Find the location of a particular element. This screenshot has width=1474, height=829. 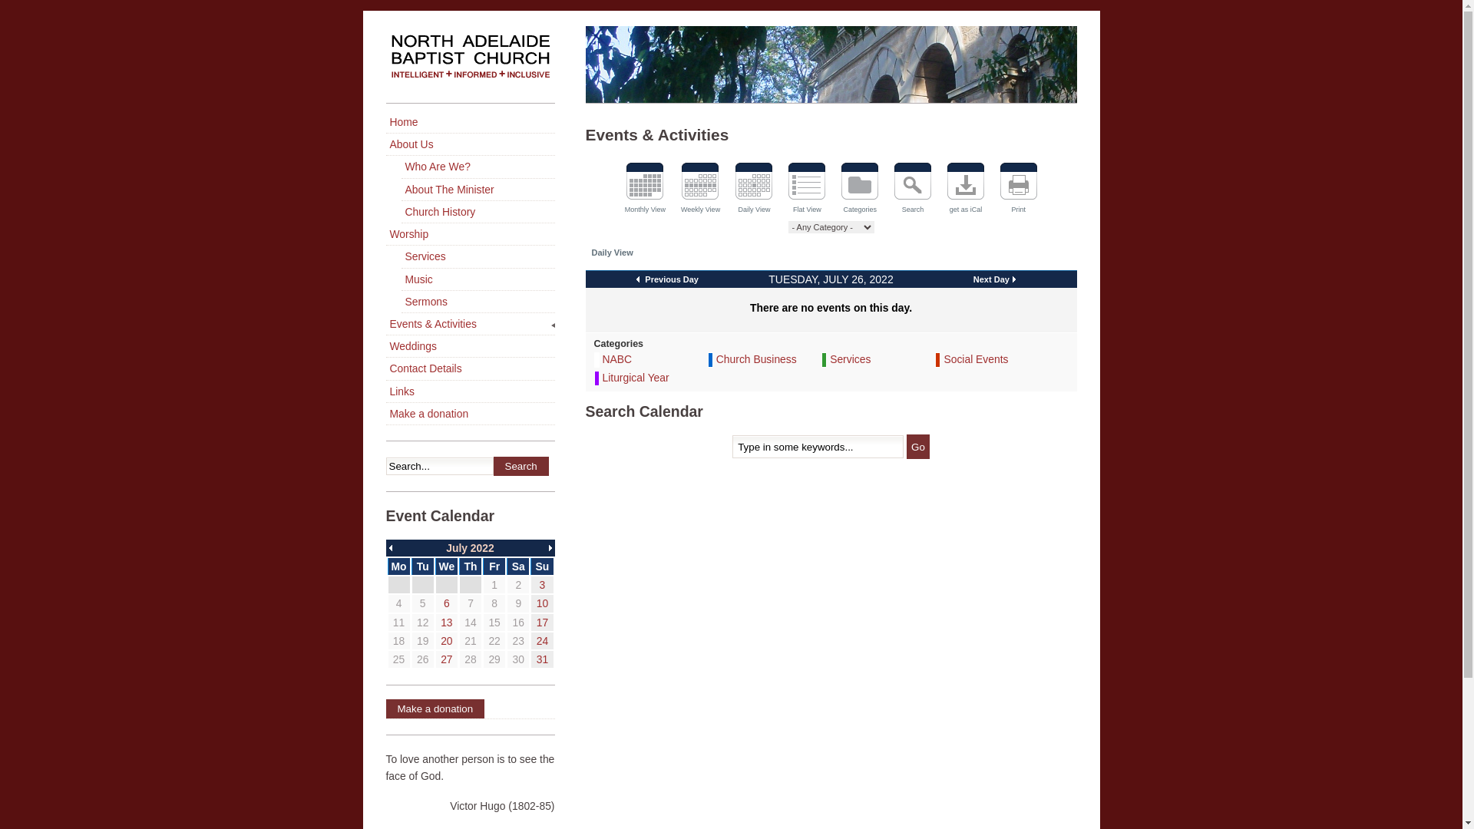

'Weekly View' is located at coordinates (699, 189).